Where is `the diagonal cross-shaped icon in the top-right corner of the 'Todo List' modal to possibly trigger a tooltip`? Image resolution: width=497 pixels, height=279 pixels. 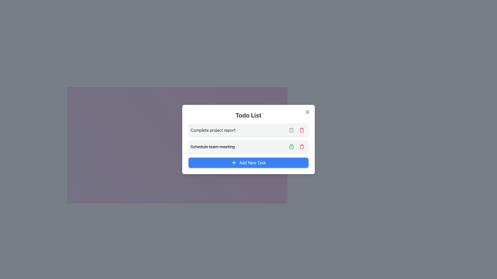
the diagonal cross-shaped icon in the top-right corner of the 'Todo List' modal to possibly trigger a tooltip is located at coordinates (308, 112).